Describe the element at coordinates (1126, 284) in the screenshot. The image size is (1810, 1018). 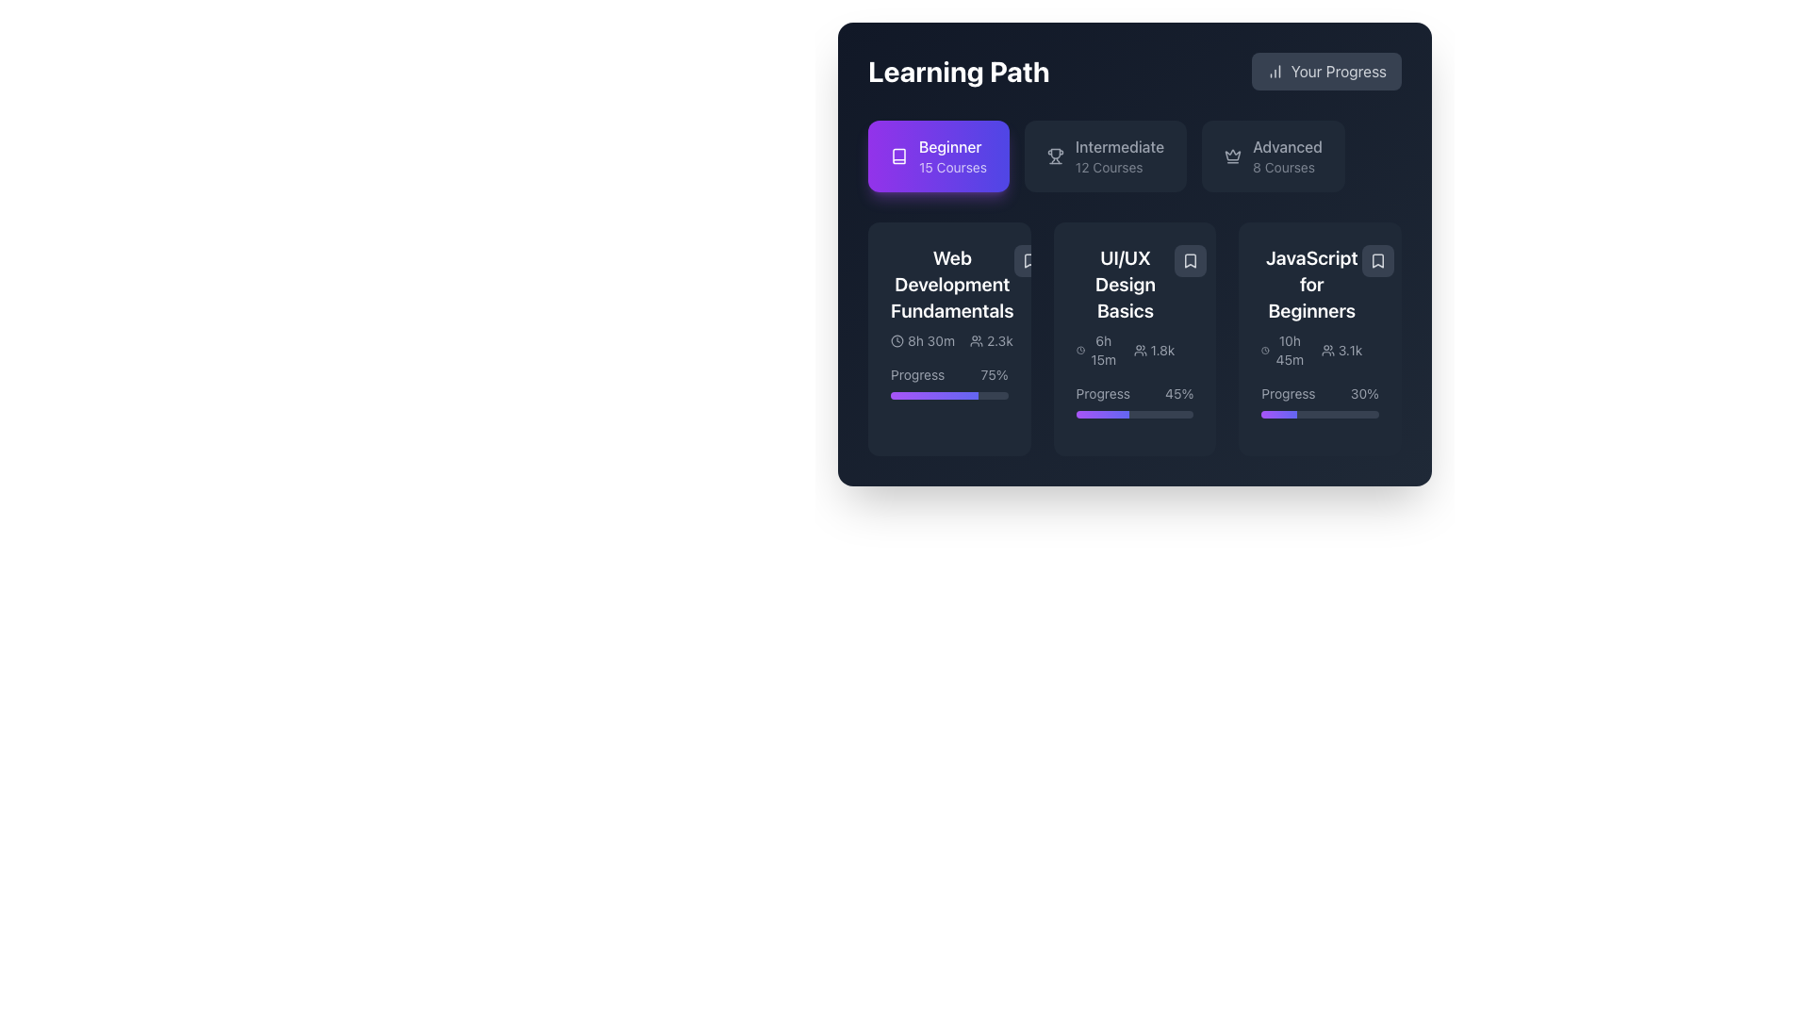
I see `the text label titled 'UI/UX Design Basics' located at the top center of the middle card in the second row of a grid layout` at that location.